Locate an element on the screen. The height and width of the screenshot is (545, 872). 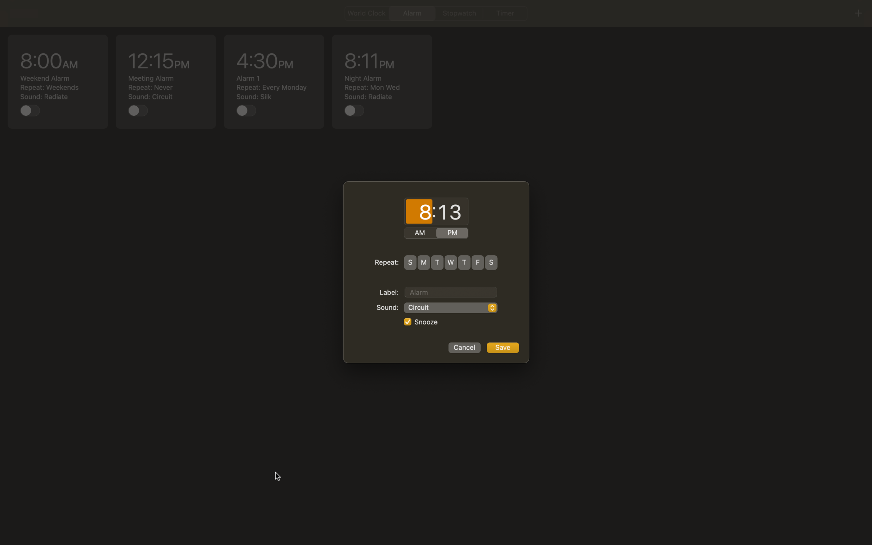
Program the alarm to activate from Monday to Friday is located at coordinates (423, 262).